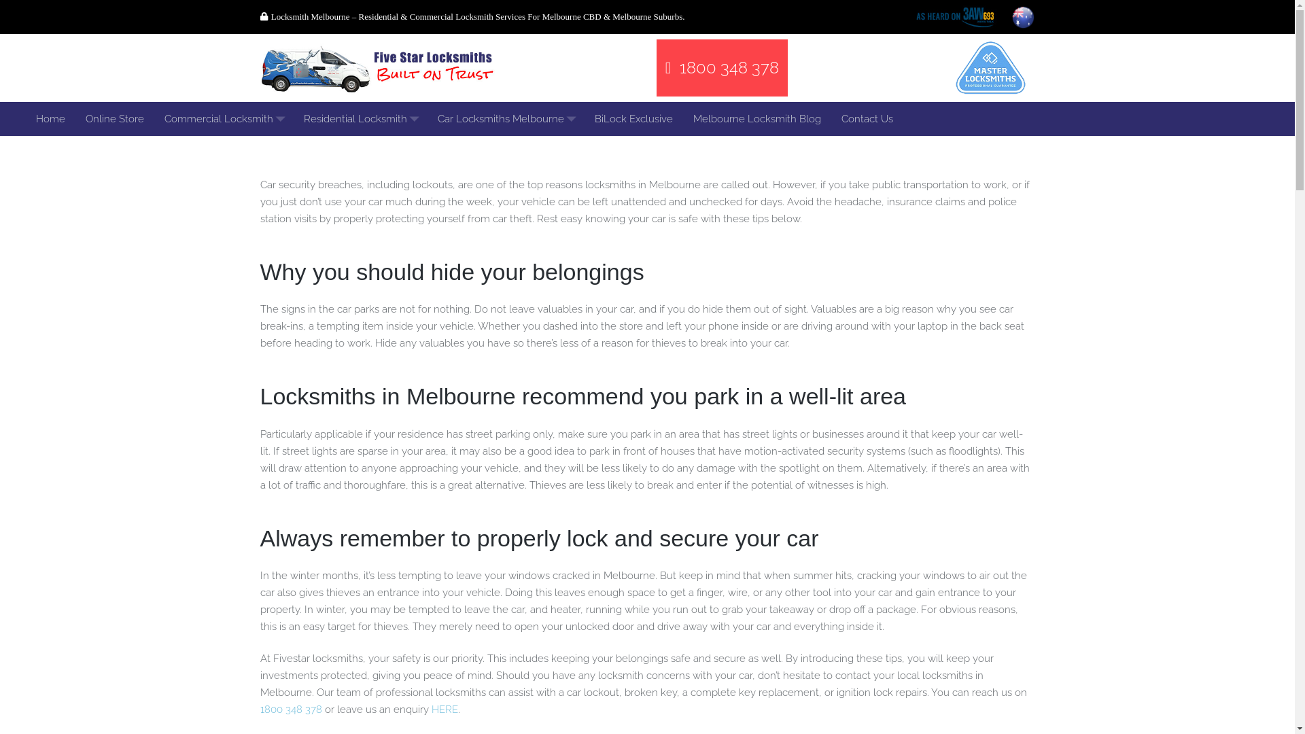 This screenshot has height=734, width=1305. What do you see at coordinates (756, 118) in the screenshot?
I see `'Melbourne Locksmith Blog'` at bounding box center [756, 118].